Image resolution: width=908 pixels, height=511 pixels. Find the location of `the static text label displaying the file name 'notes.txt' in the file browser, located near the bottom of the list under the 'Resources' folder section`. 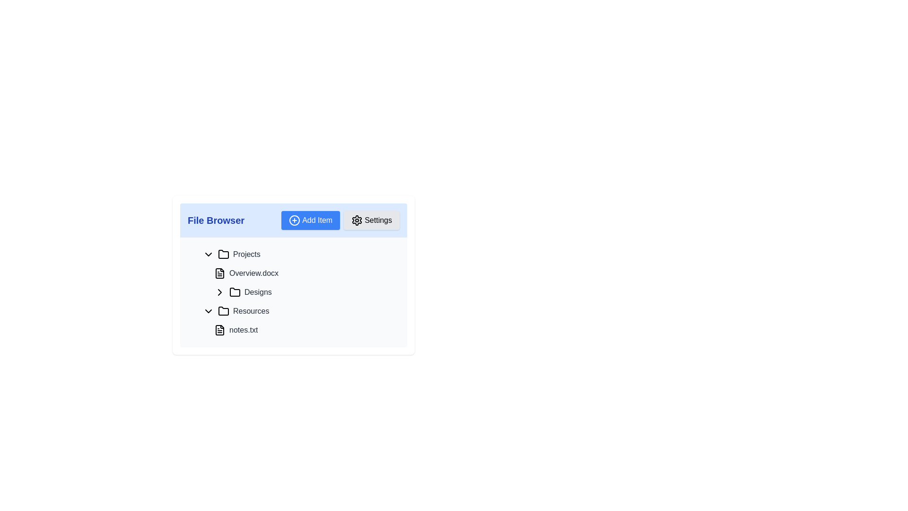

the static text label displaying the file name 'notes.txt' in the file browser, located near the bottom of the list under the 'Resources' folder section is located at coordinates (244, 330).